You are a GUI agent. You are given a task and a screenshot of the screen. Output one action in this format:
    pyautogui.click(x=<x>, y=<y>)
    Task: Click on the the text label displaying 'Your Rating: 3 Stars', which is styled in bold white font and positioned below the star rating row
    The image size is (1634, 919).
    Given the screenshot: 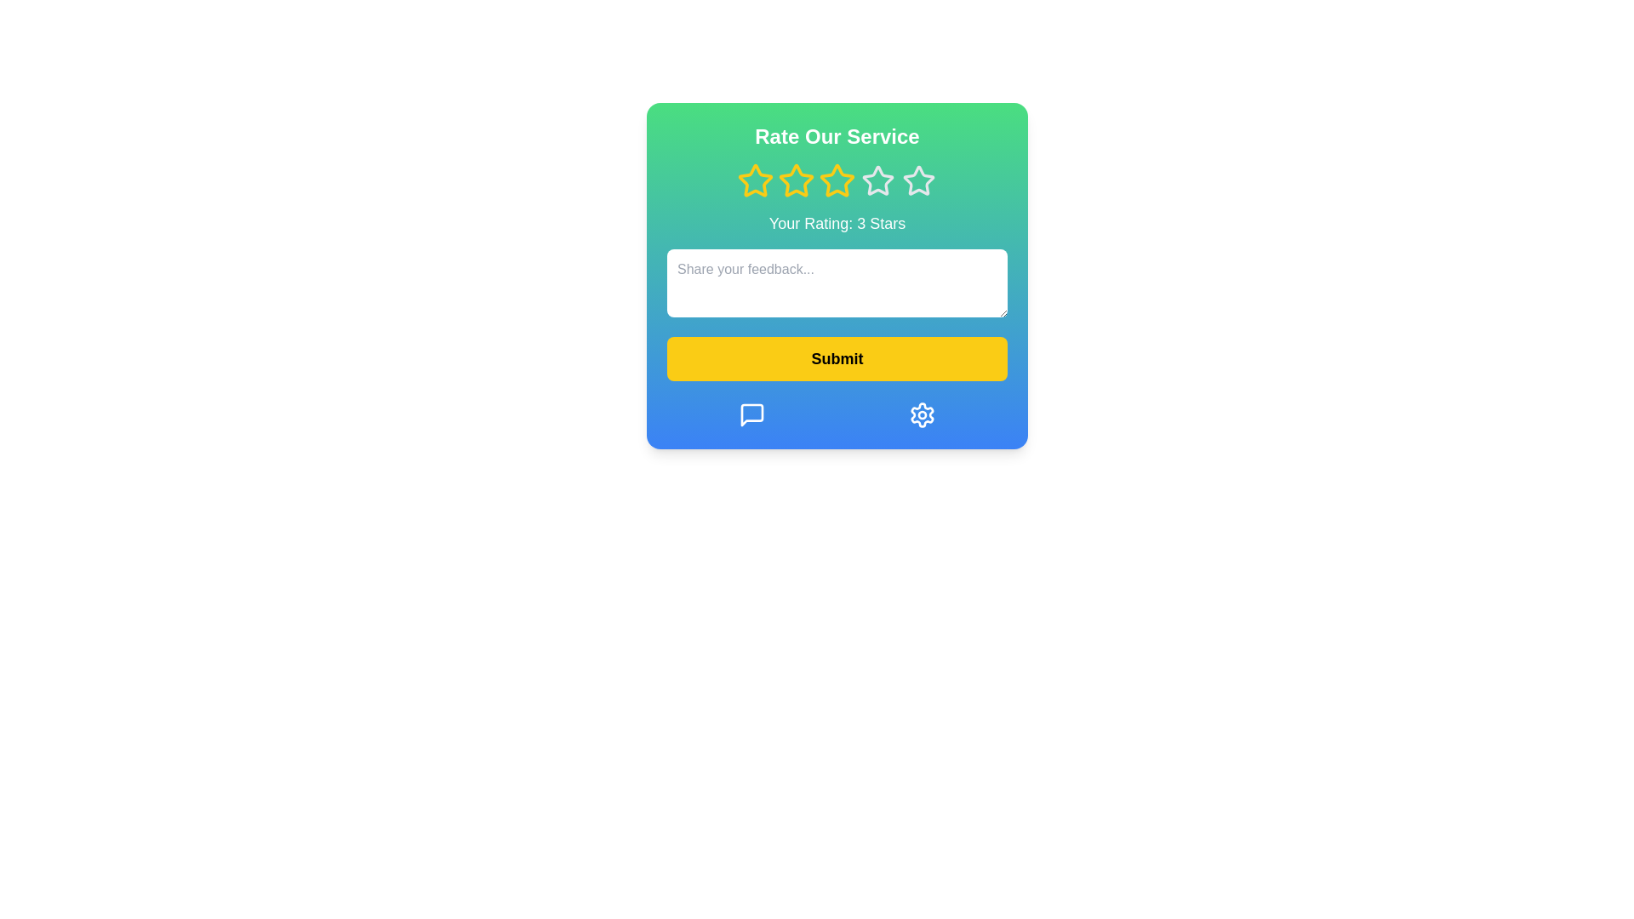 What is the action you would take?
    pyautogui.click(x=837, y=222)
    